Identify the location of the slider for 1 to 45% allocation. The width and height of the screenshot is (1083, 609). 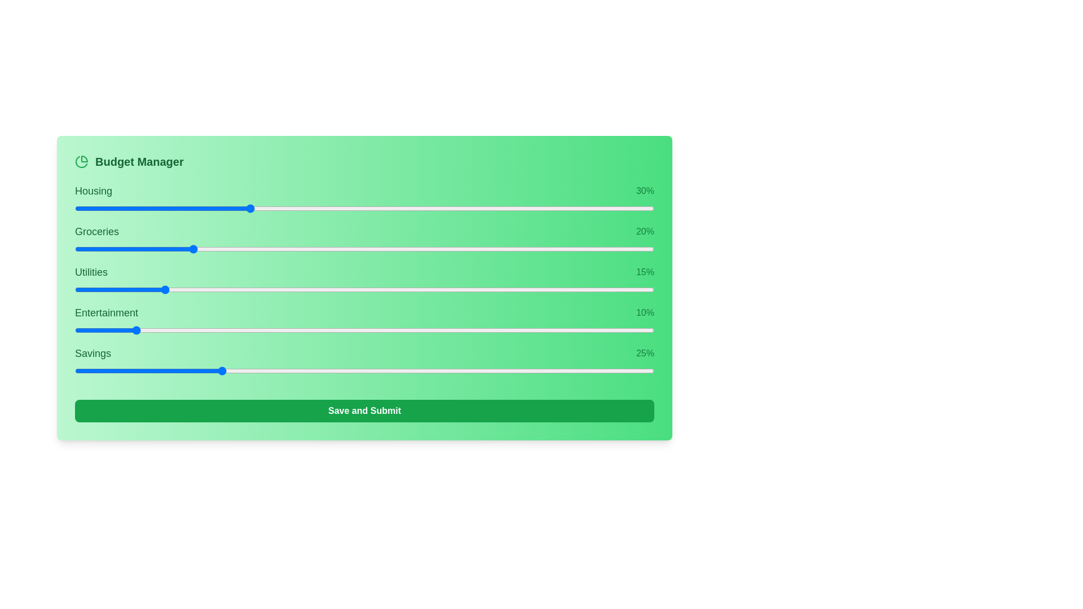
(495, 249).